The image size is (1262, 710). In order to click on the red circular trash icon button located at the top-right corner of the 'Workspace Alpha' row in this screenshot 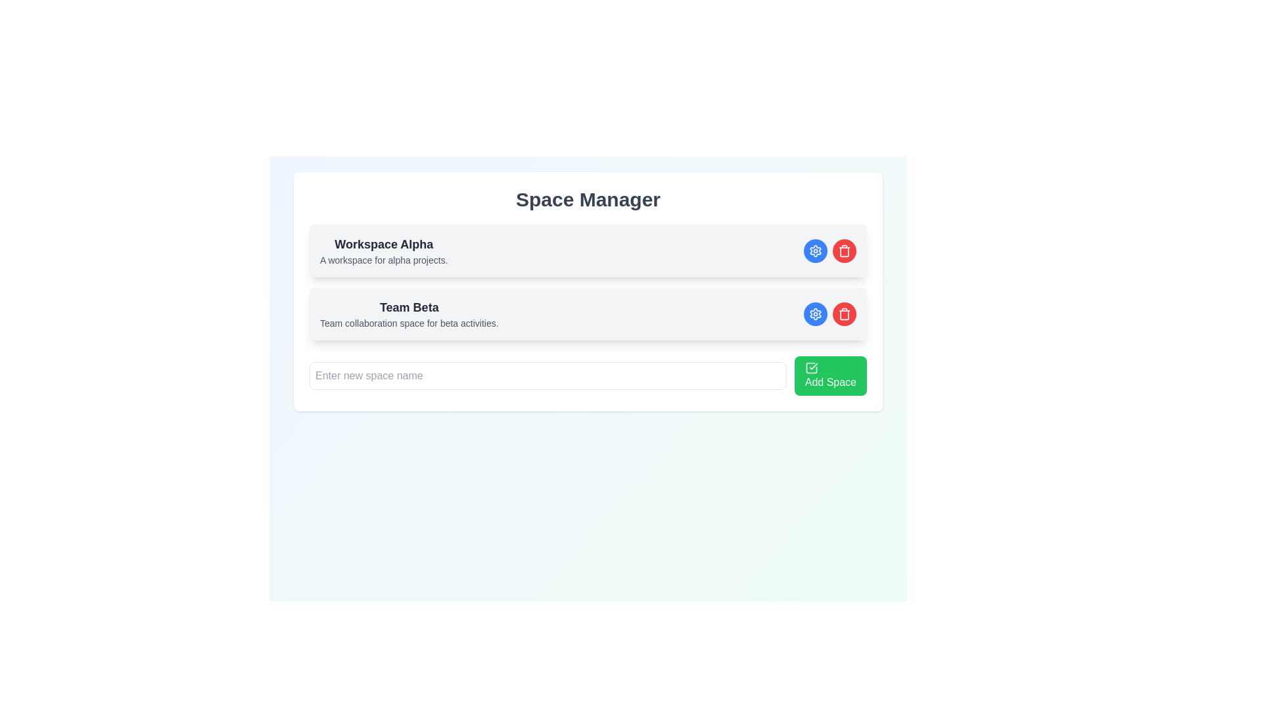, I will do `click(845, 250)`.